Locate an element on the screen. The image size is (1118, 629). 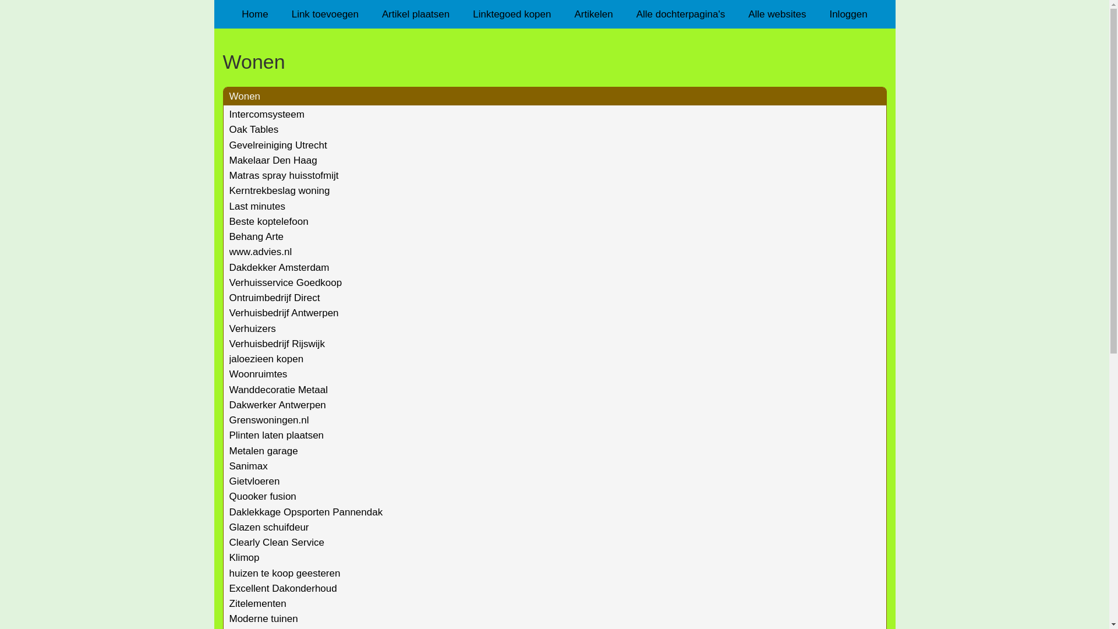
'Plinten laten plaatsen' is located at coordinates (229, 435).